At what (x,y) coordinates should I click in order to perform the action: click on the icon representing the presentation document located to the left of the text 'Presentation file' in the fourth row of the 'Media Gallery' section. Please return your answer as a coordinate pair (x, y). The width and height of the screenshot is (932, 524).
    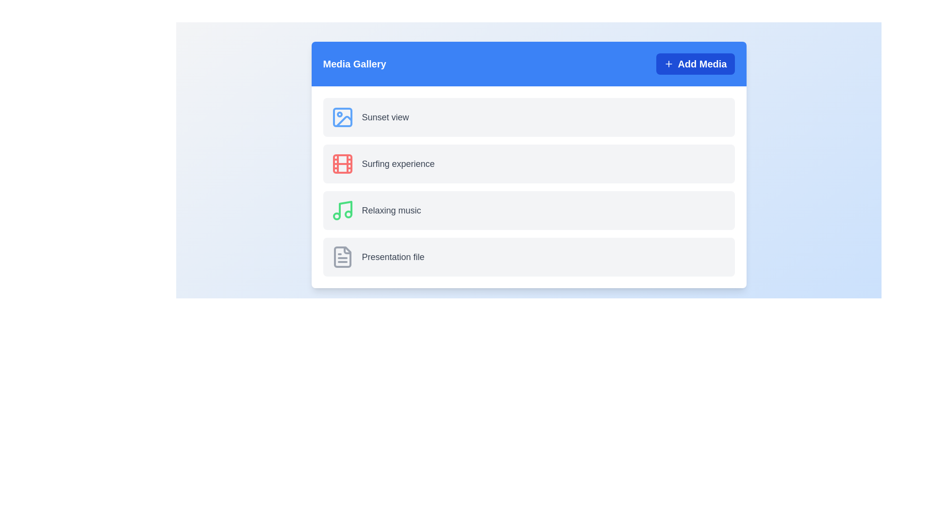
    Looking at the image, I should click on (342, 256).